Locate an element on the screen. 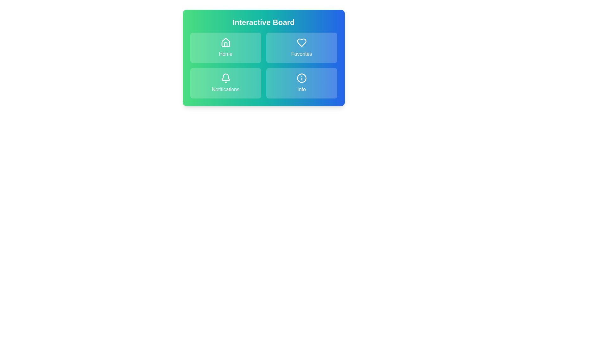 This screenshot has width=608, height=342. the house icon with a white outline on a green background in the 'Interactive Board' section is located at coordinates (225, 43).